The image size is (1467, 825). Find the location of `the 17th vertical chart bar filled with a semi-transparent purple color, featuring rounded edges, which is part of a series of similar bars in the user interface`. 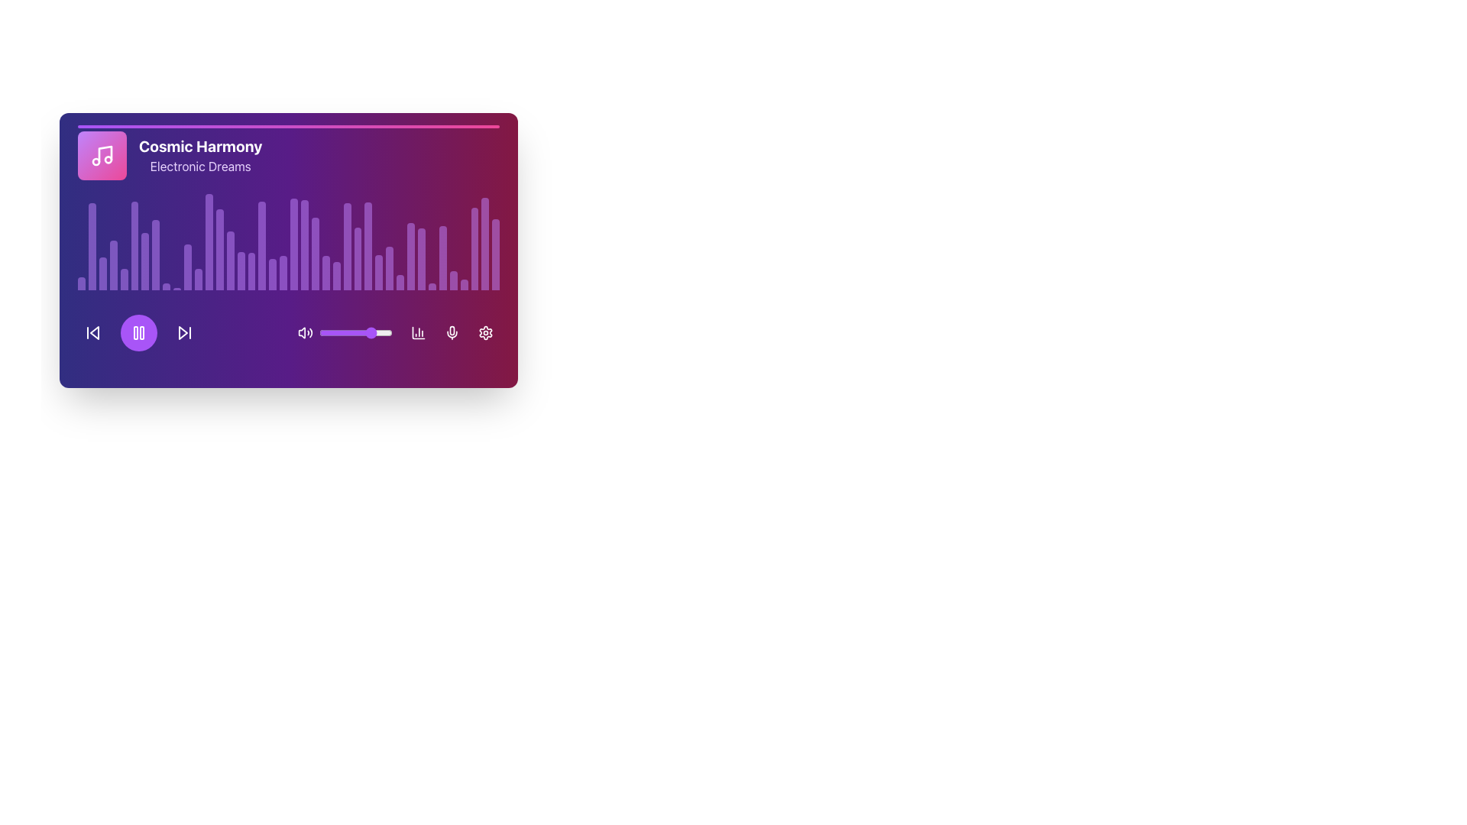

the 17th vertical chart bar filled with a semi-transparent purple color, featuring rounded edges, which is part of a series of similar bars in the user interface is located at coordinates (251, 270).